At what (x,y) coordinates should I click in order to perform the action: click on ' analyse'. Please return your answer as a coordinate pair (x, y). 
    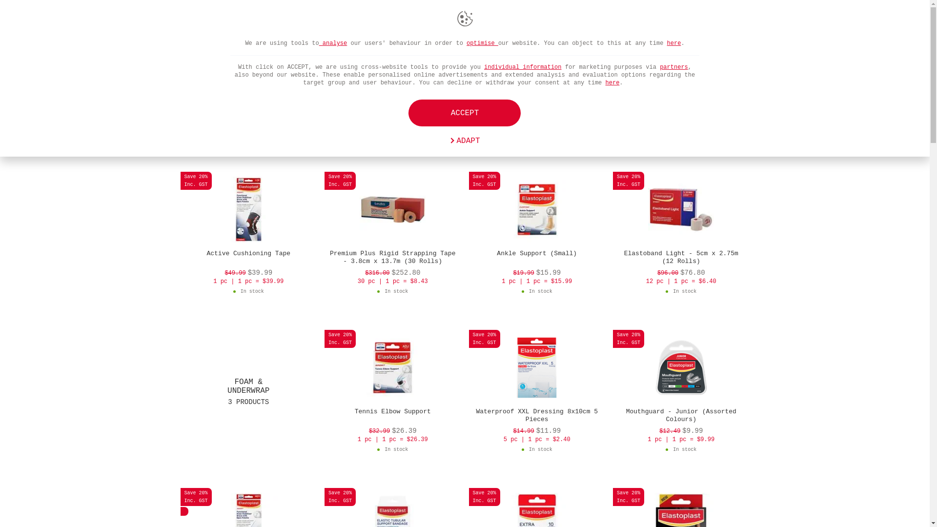
    Looking at the image, I should click on (319, 42).